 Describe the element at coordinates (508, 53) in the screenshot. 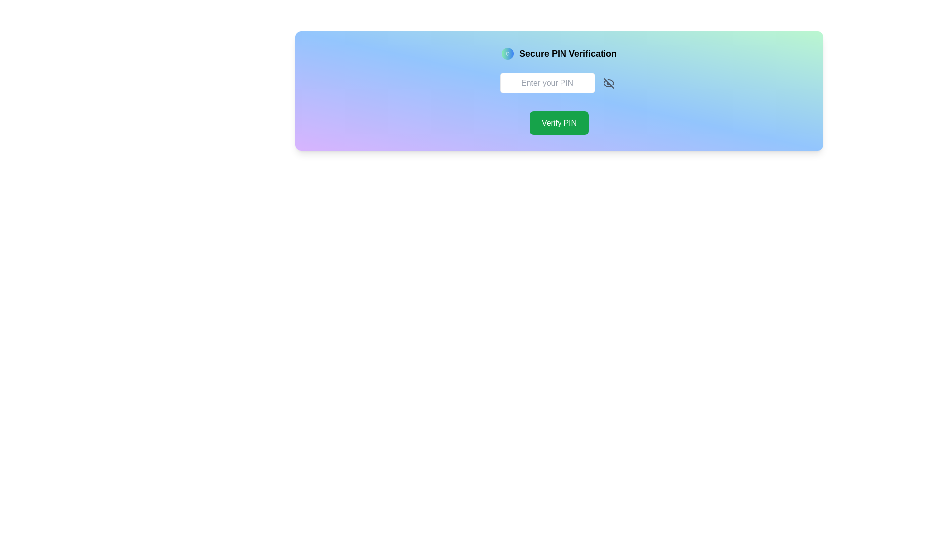

I see `the shield icon with a gradient background located adjacent to the text 'Secure PIN Verification'` at that location.